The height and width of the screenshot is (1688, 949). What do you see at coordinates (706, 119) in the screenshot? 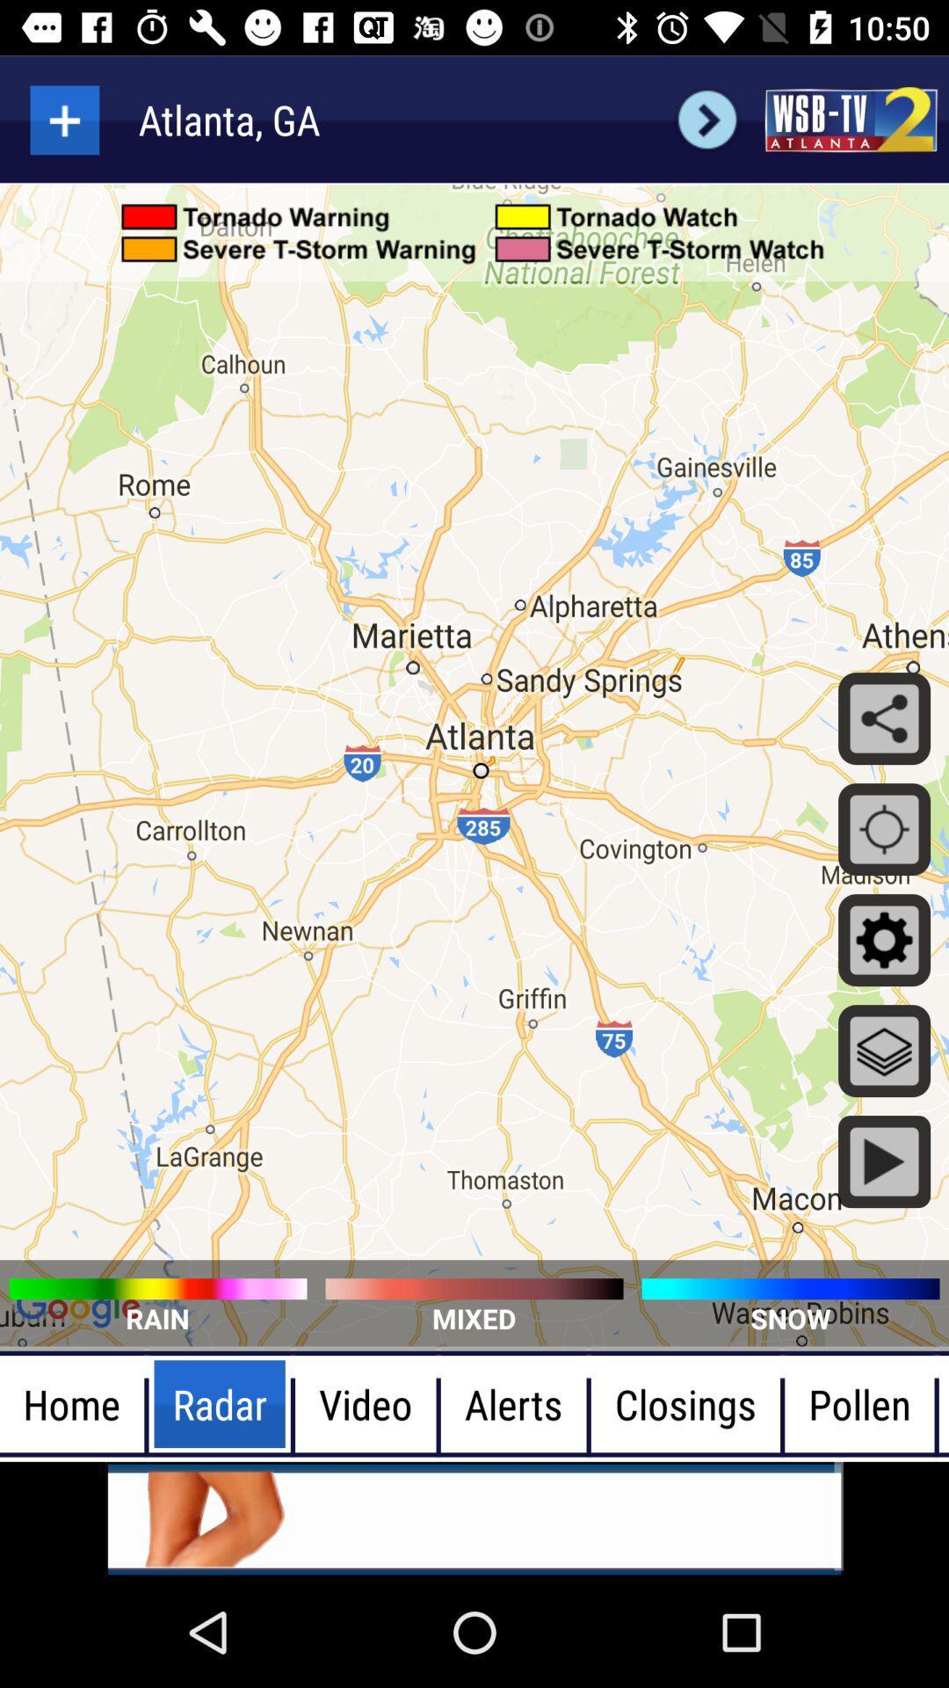
I see `go back` at bounding box center [706, 119].